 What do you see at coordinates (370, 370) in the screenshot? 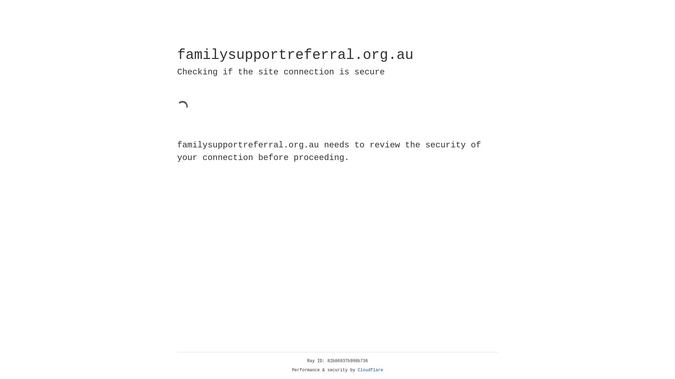
I see `'Cloudflare'` at bounding box center [370, 370].